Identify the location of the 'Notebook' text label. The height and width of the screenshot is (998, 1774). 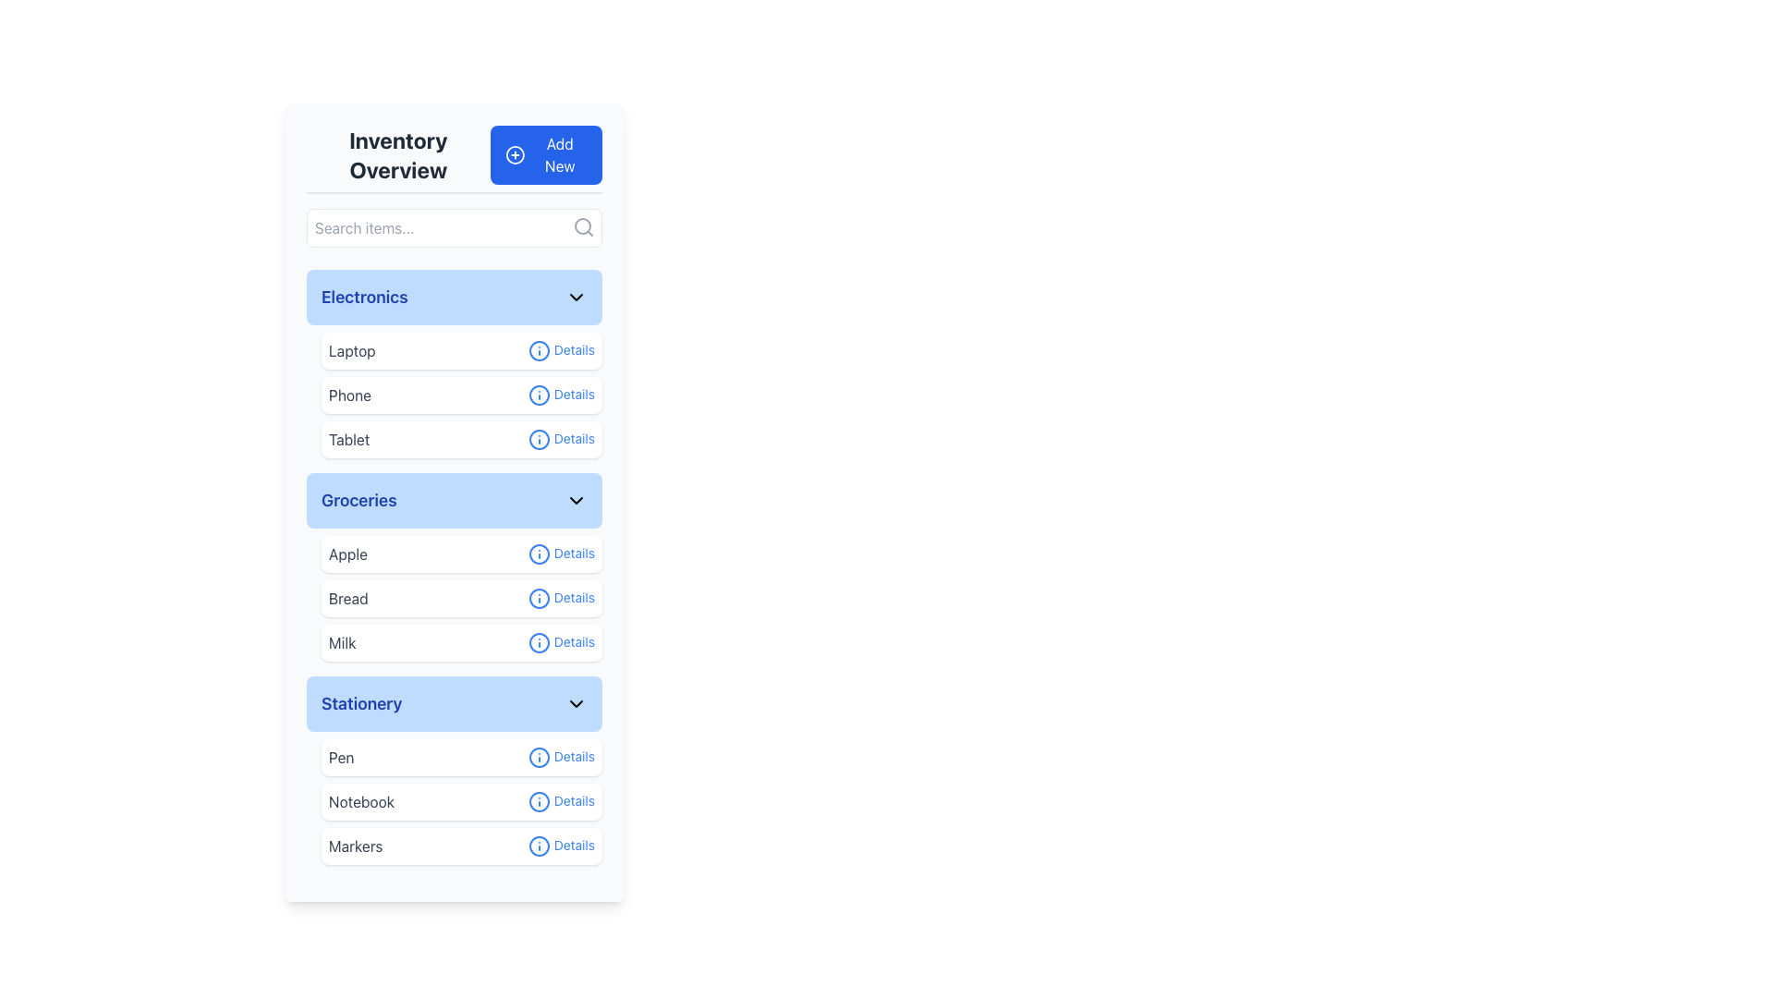
(361, 800).